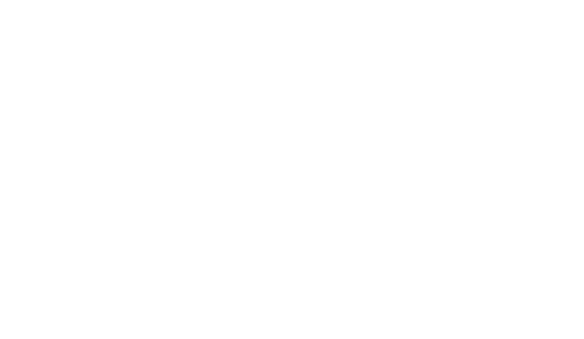 This screenshot has height=339, width=584. Describe the element at coordinates (292, 77) in the screenshot. I see `'Portugal'` at that location.